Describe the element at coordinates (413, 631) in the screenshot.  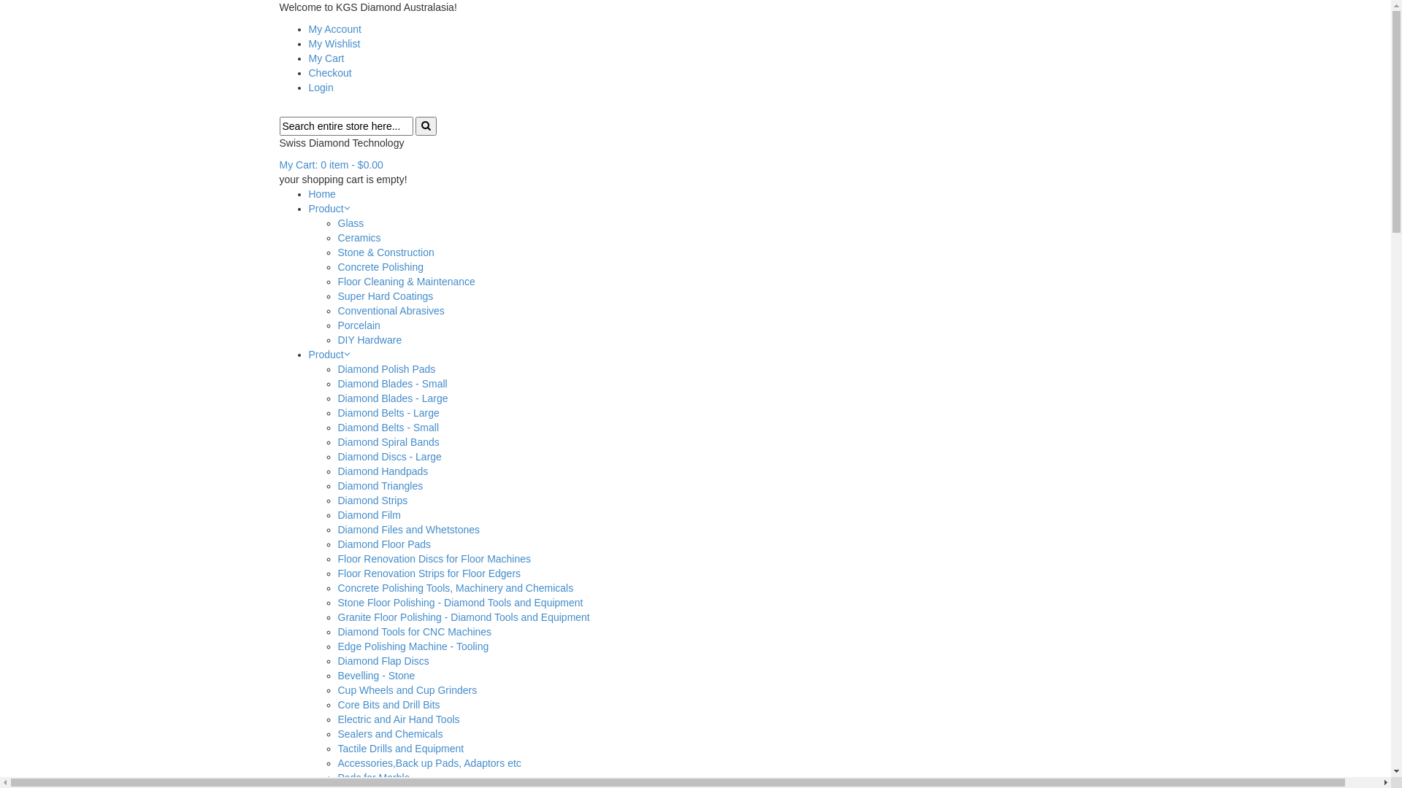
I see `'Diamond Tools for CNC Machines'` at that location.